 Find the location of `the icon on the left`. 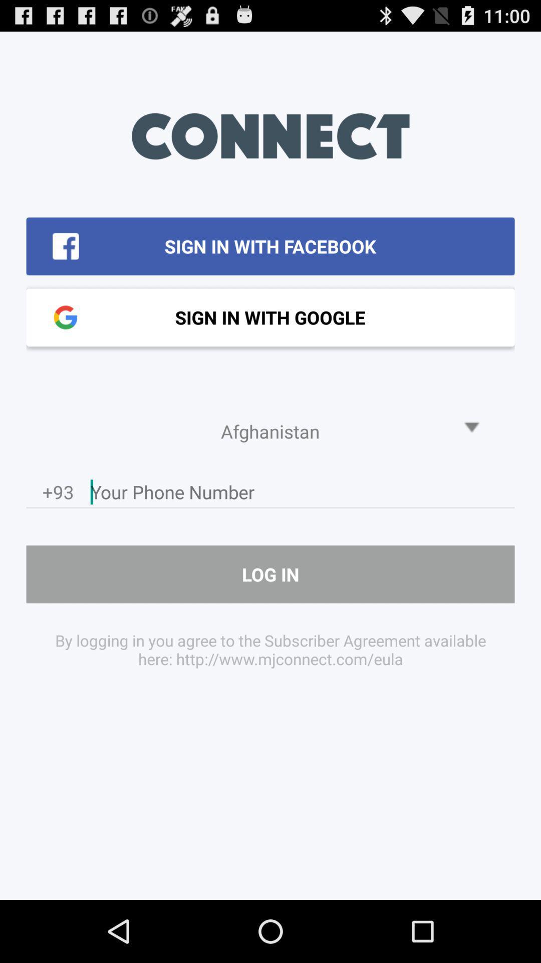

the icon on the left is located at coordinates (58, 495).